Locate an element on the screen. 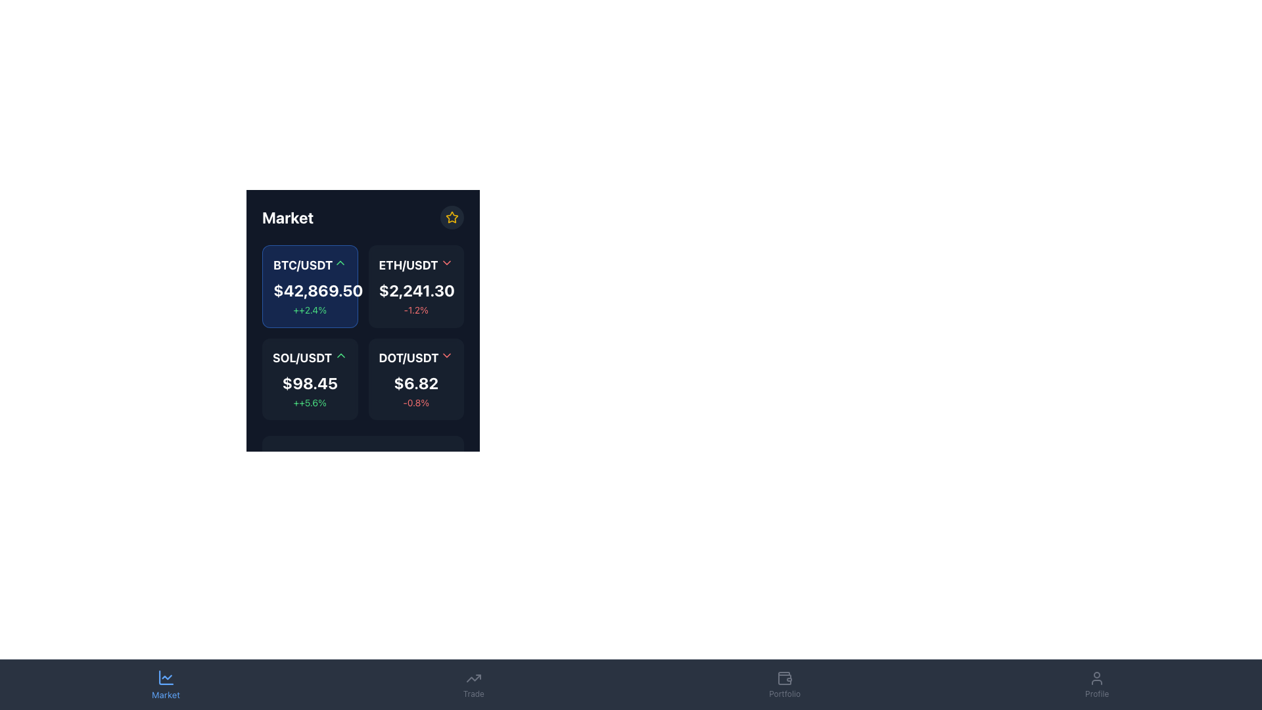  the button located in the top-right corner of the 'Market' section to observe a background color change is located at coordinates (452, 217).